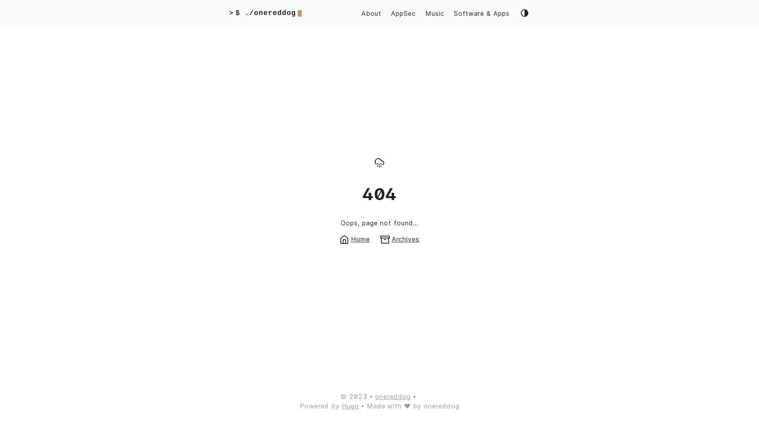 Image resolution: width=759 pixels, height=427 pixels. I want to click on 'Music', so click(434, 13).